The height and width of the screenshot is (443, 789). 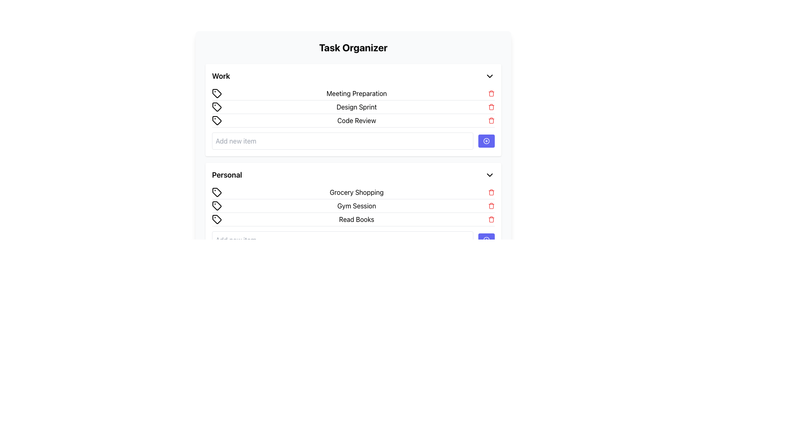 What do you see at coordinates (217, 219) in the screenshot?
I see `the tag-shaped icon with a black outline located in the 'Personal' section adjacent to the text 'Read Books'` at bounding box center [217, 219].